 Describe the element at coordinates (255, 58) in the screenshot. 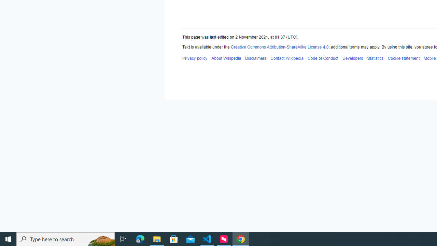

I see `'AutomationID: footer-places-disclaimers'` at that location.